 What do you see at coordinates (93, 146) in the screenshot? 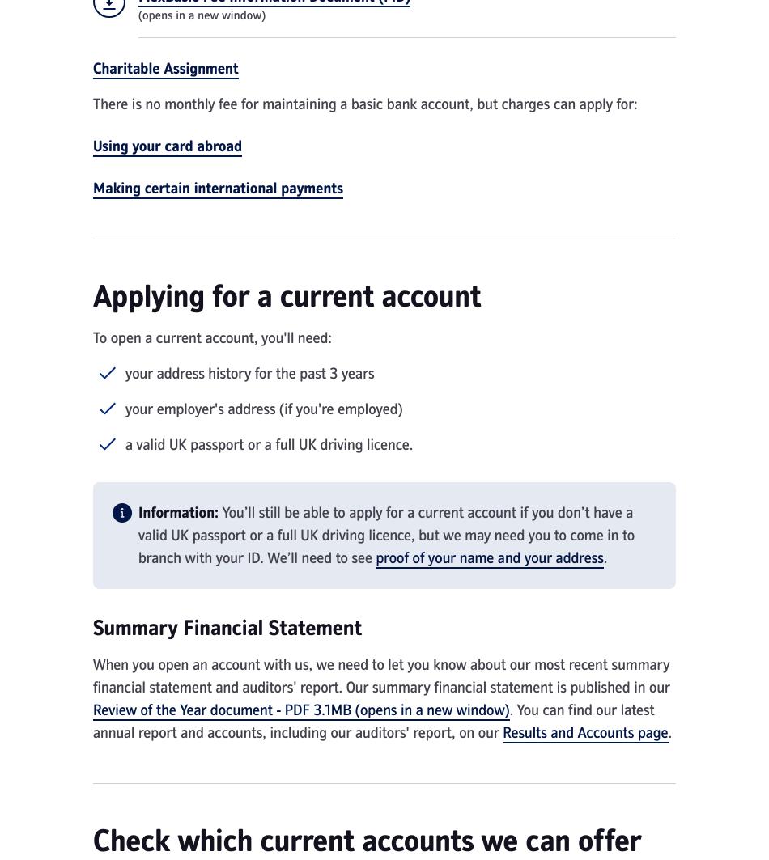
I see `'Using your card abroad'` at bounding box center [93, 146].